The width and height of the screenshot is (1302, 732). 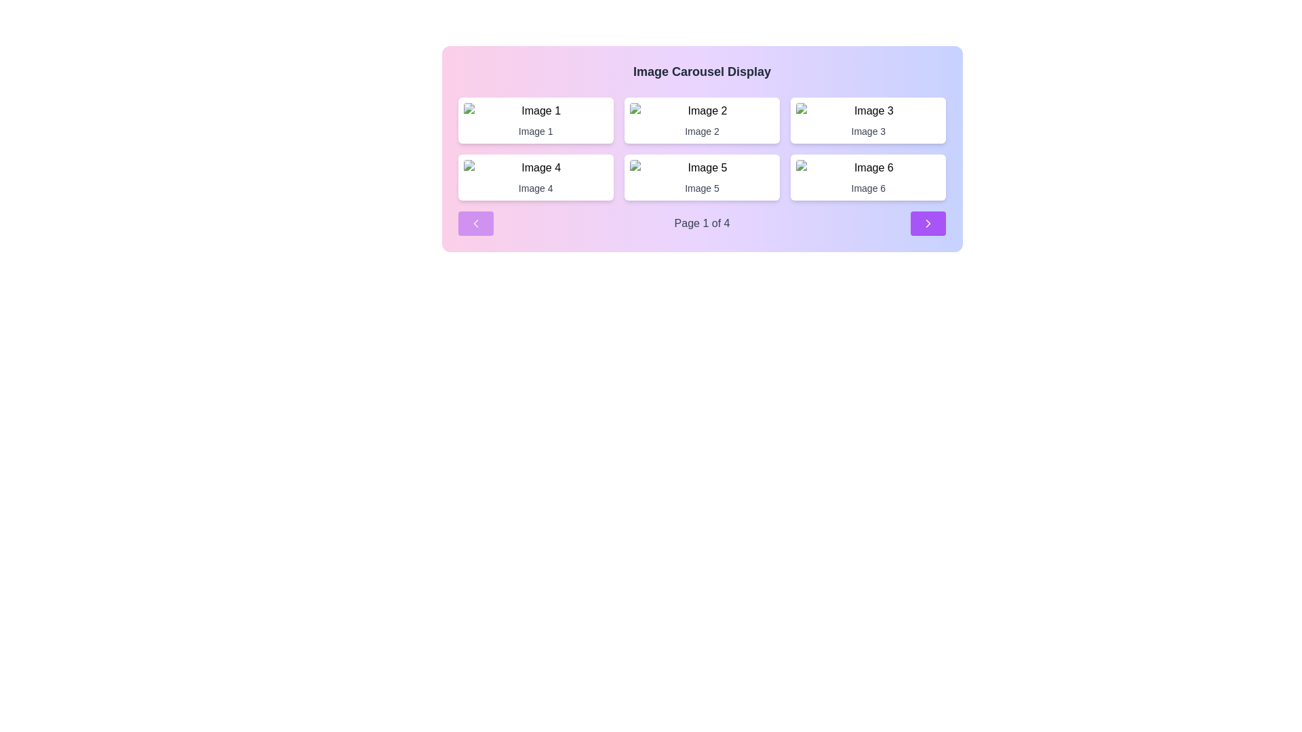 I want to click on the first image in the 'Image Carousel Display' grid, so click(x=535, y=110).